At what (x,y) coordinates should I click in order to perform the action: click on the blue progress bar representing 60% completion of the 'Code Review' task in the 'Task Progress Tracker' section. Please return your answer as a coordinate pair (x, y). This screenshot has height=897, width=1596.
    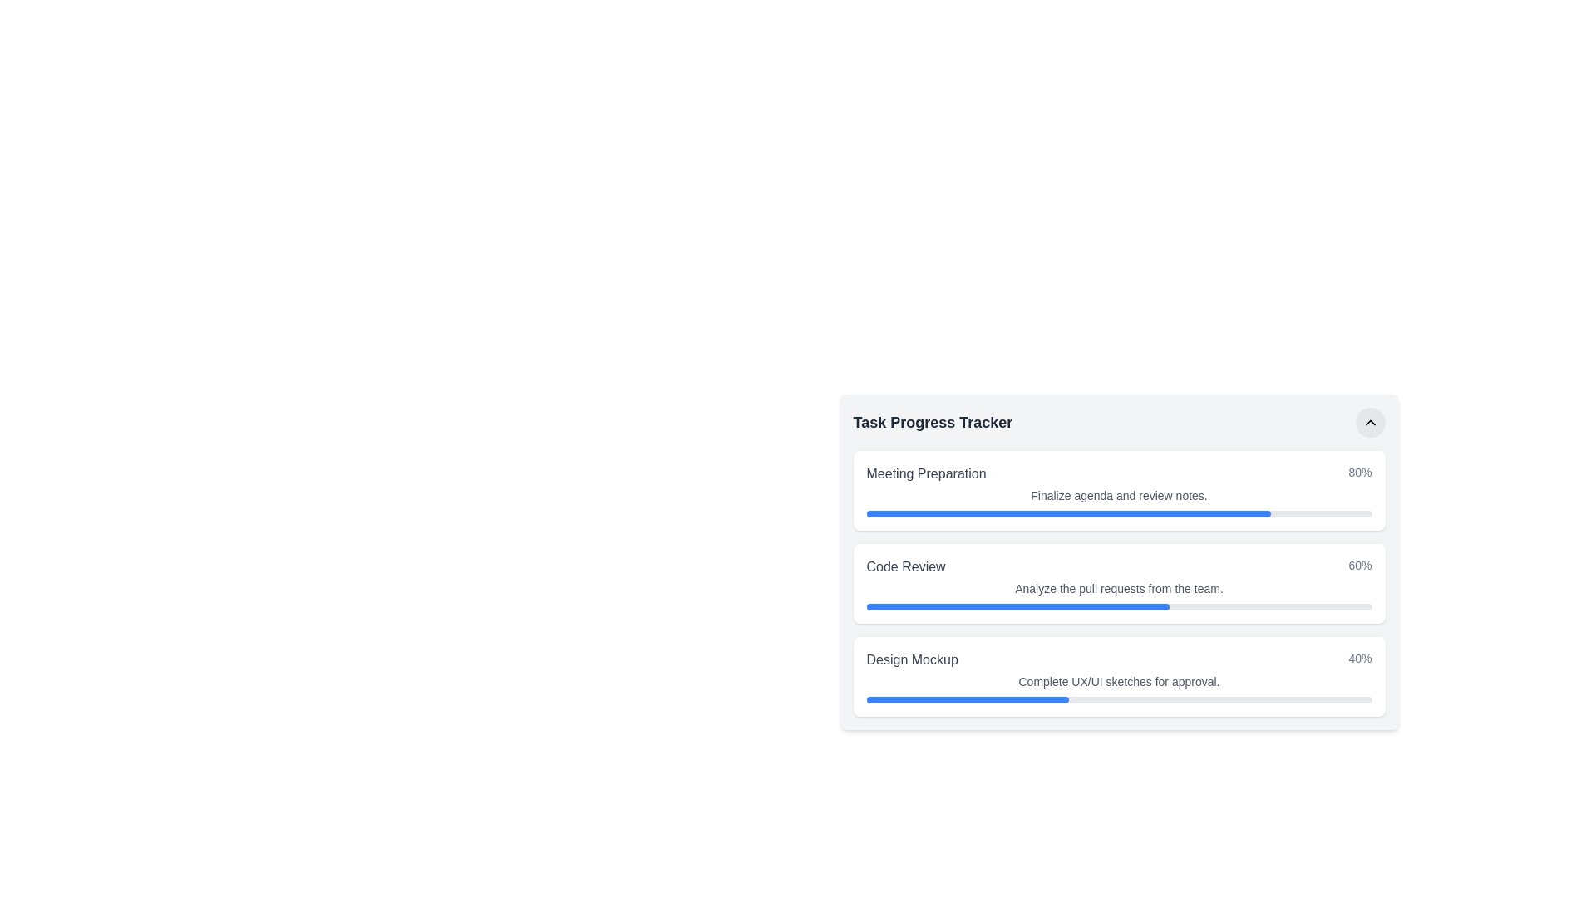
    Looking at the image, I should click on (1017, 607).